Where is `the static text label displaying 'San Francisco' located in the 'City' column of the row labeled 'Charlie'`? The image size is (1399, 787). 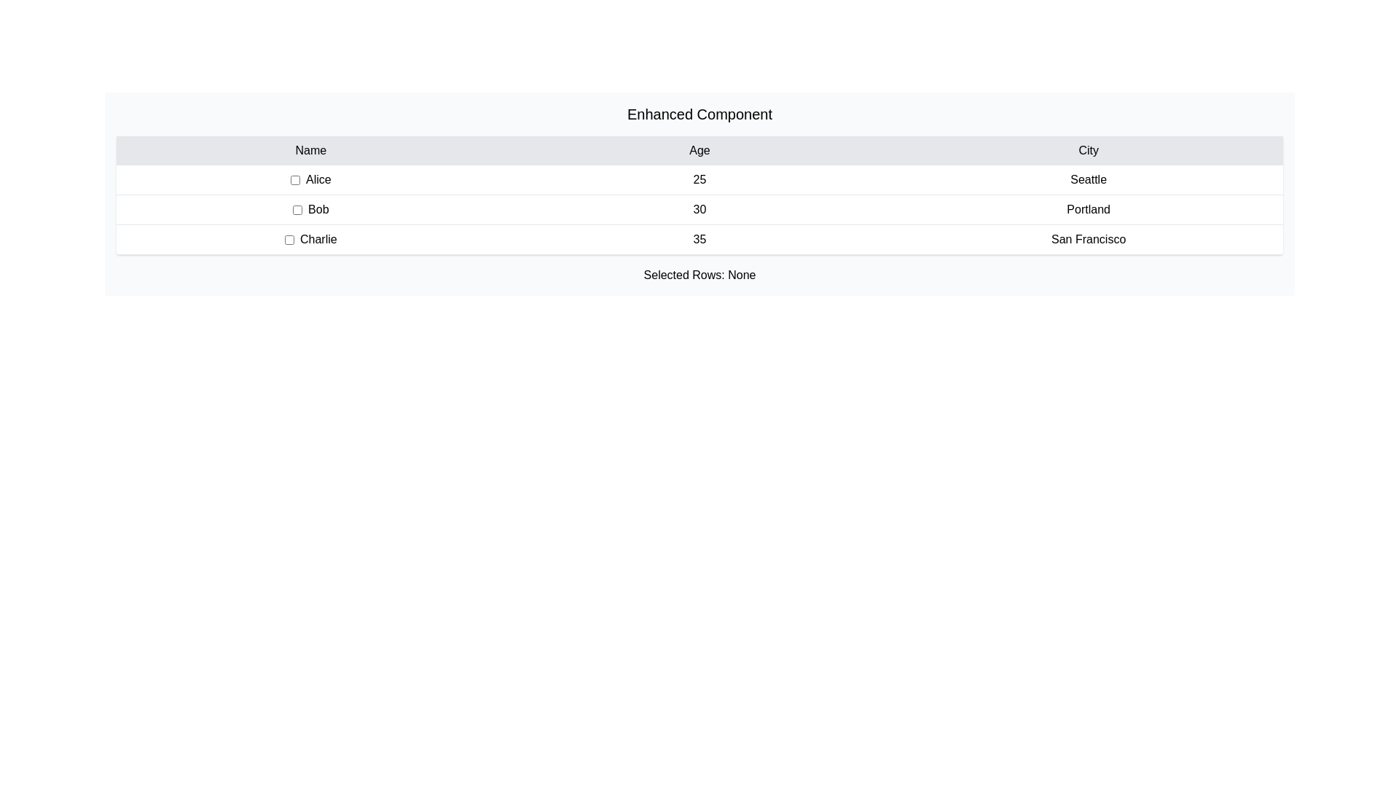 the static text label displaying 'San Francisco' located in the 'City' column of the row labeled 'Charlie' is located at coordinates (1089, 238).